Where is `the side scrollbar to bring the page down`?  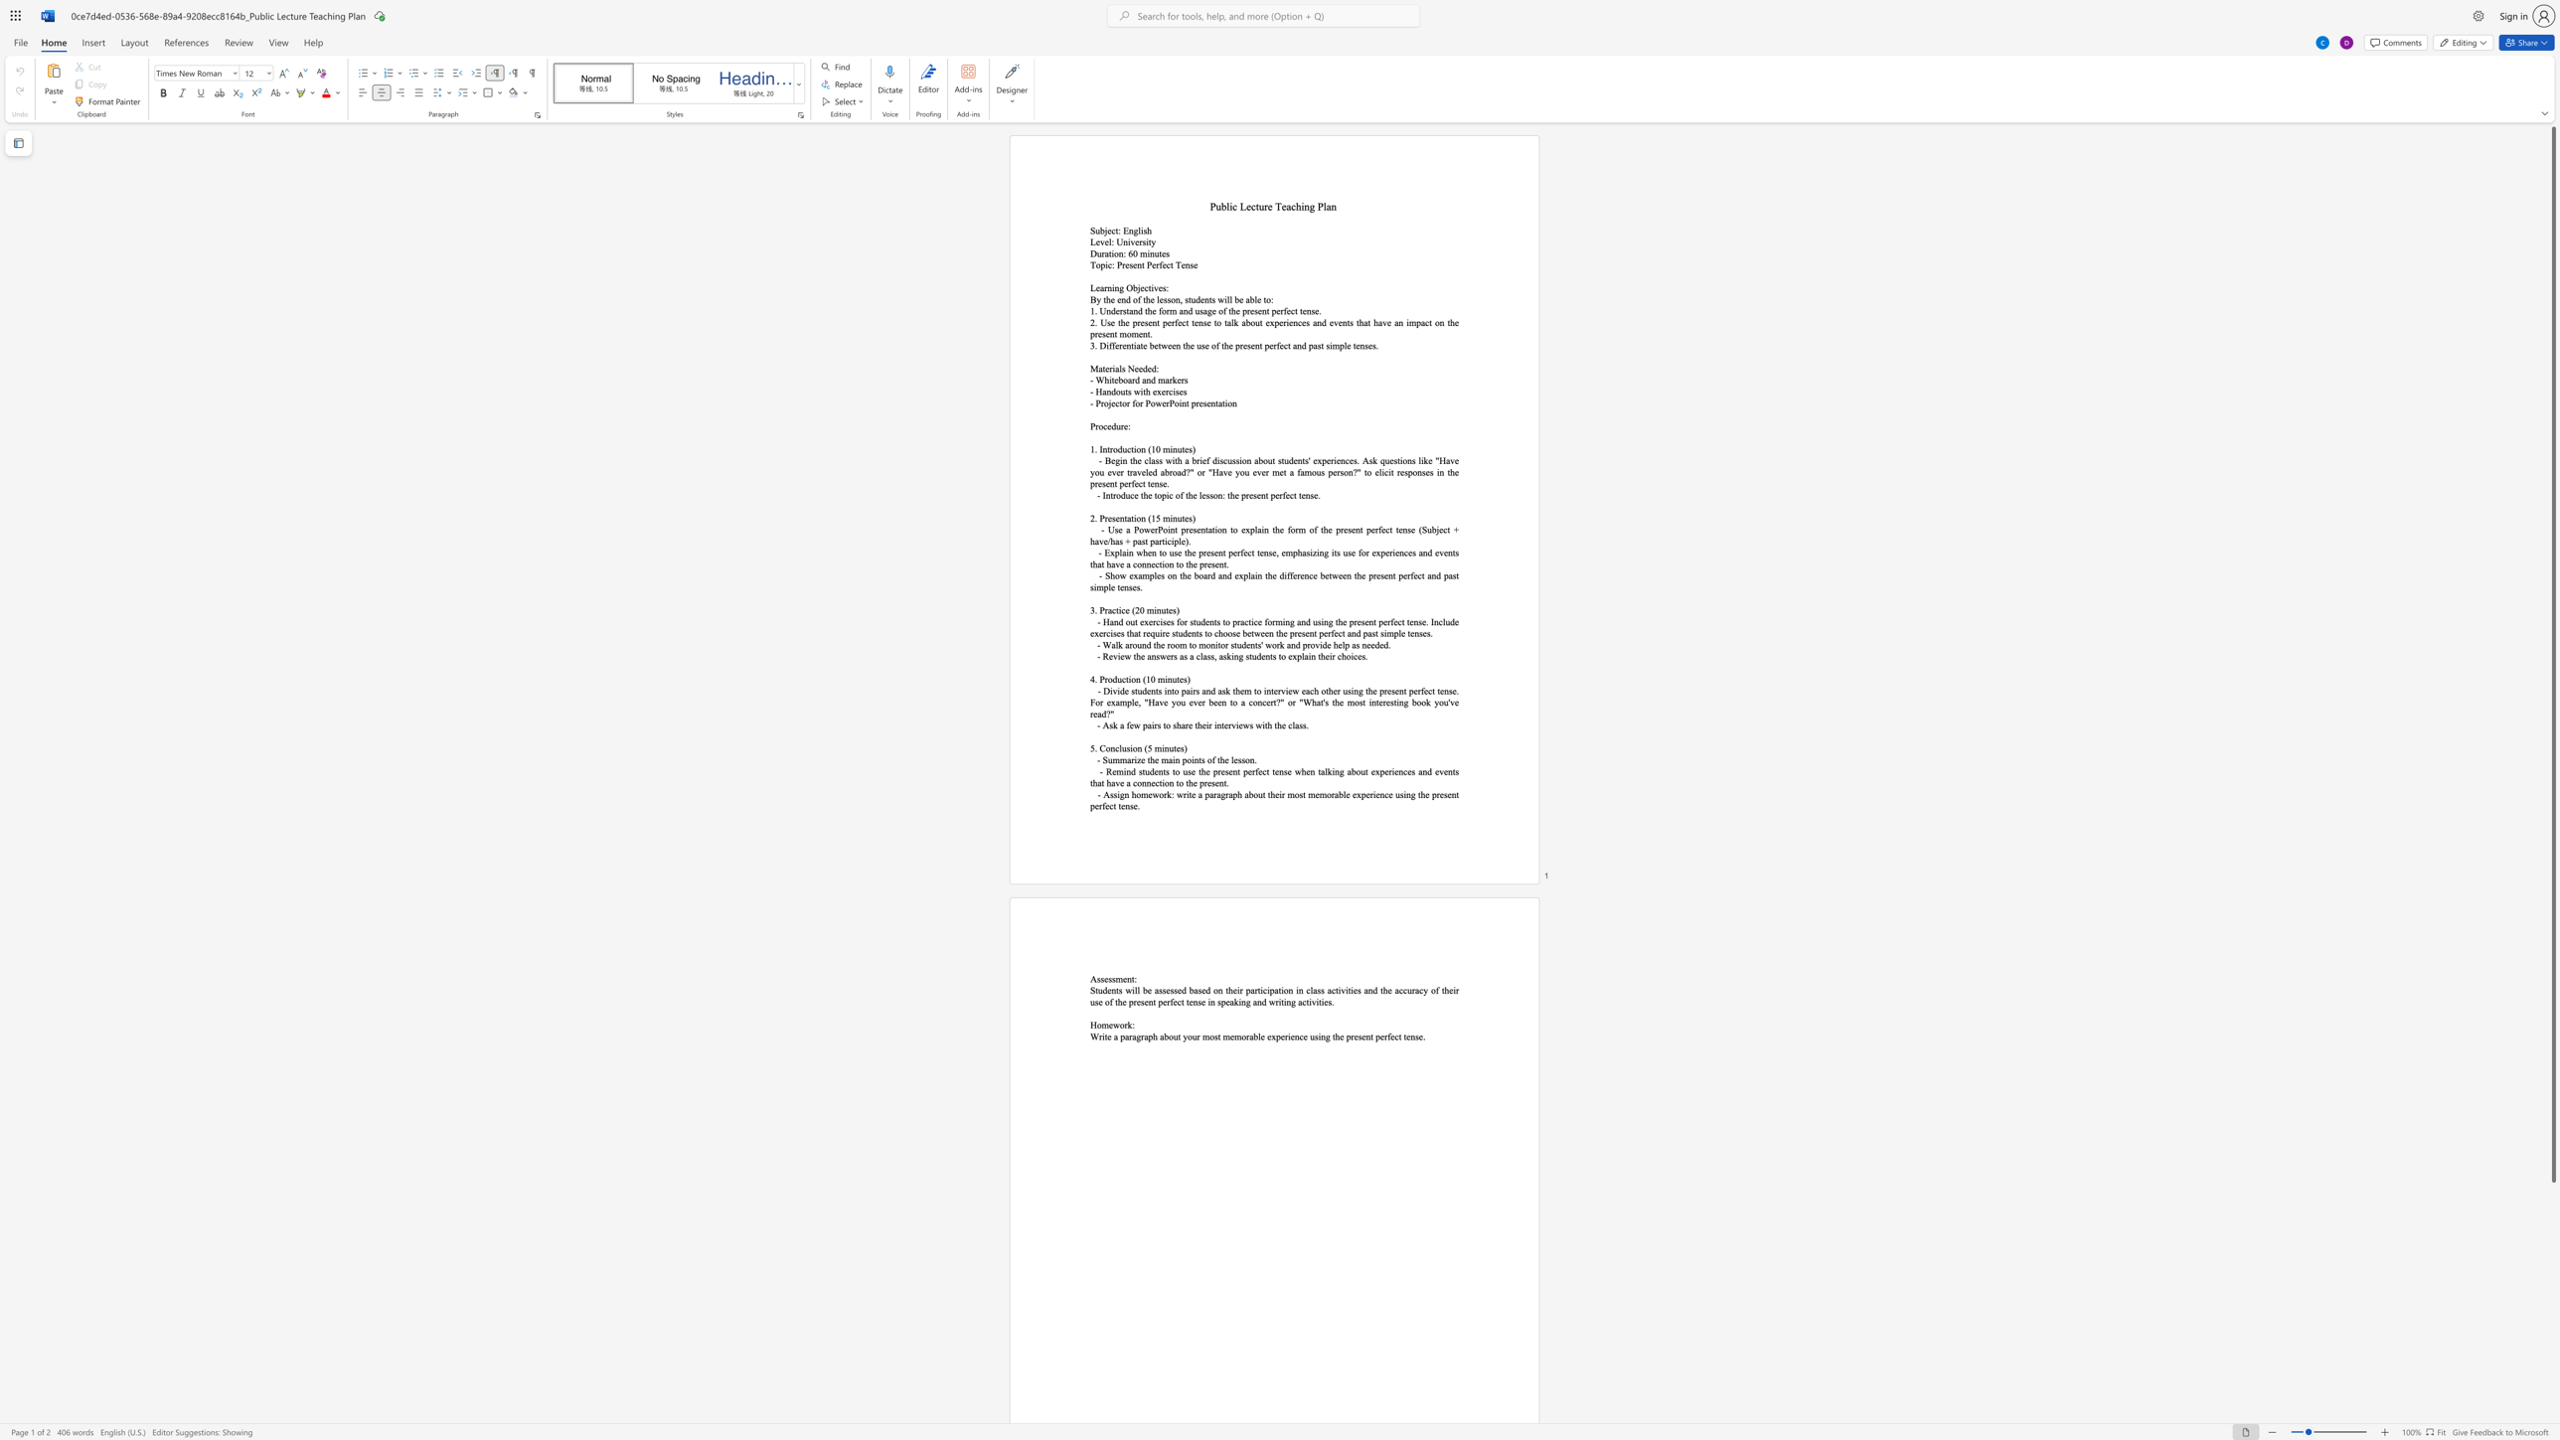
the side scrollbar to bring the page down is located at coordinates (2552, 1412).